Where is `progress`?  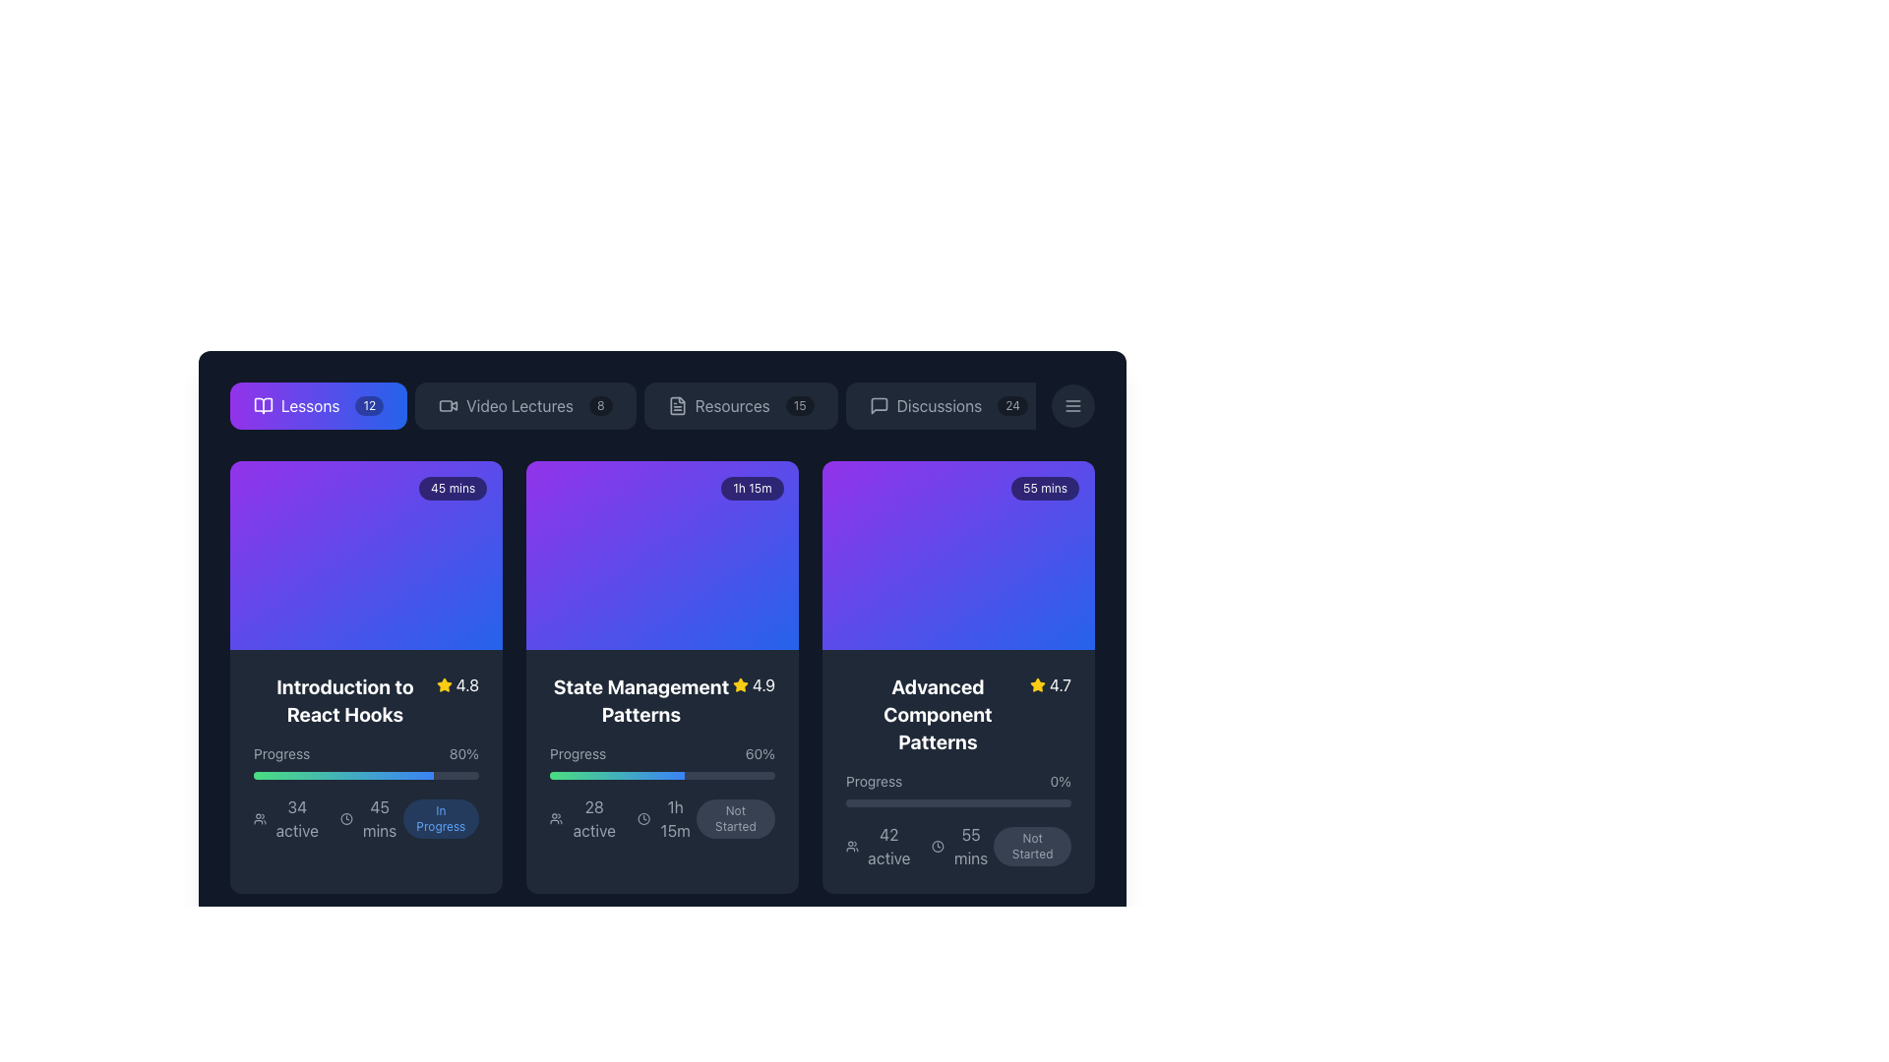 progress is located at coordinates (260, 775).